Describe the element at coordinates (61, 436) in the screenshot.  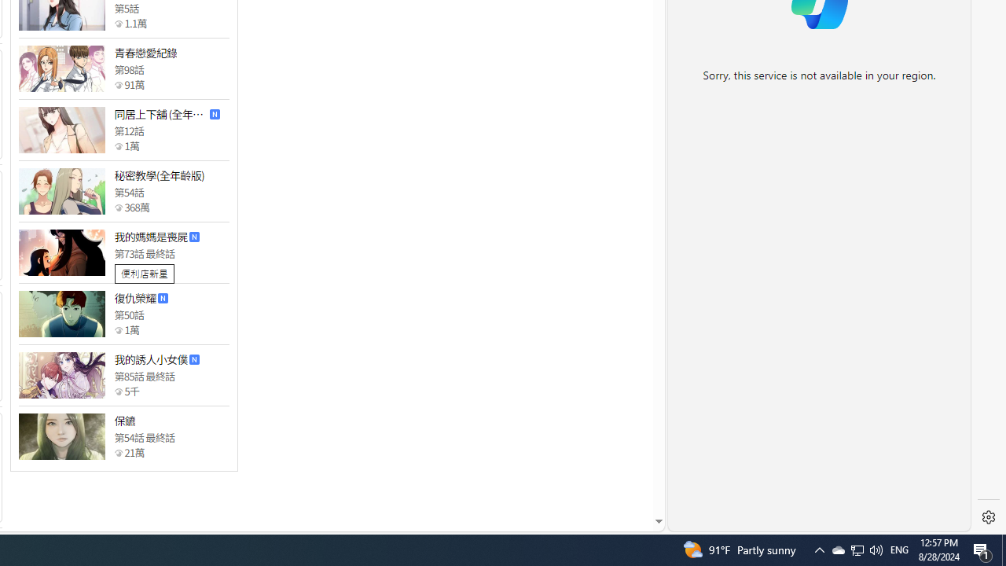
I see `'Class: thumb_img'` at that location.